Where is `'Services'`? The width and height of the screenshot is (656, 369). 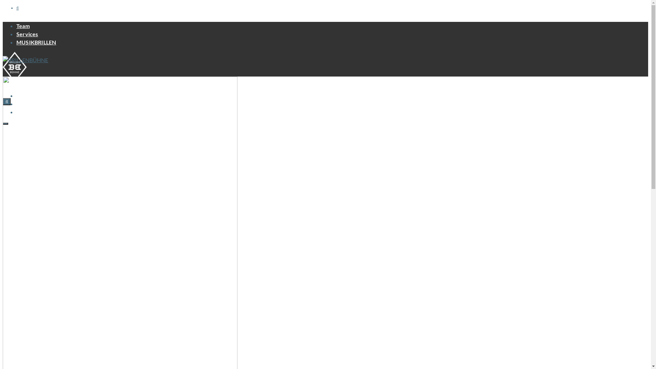
'Services' is located at coordinates (27, 34).